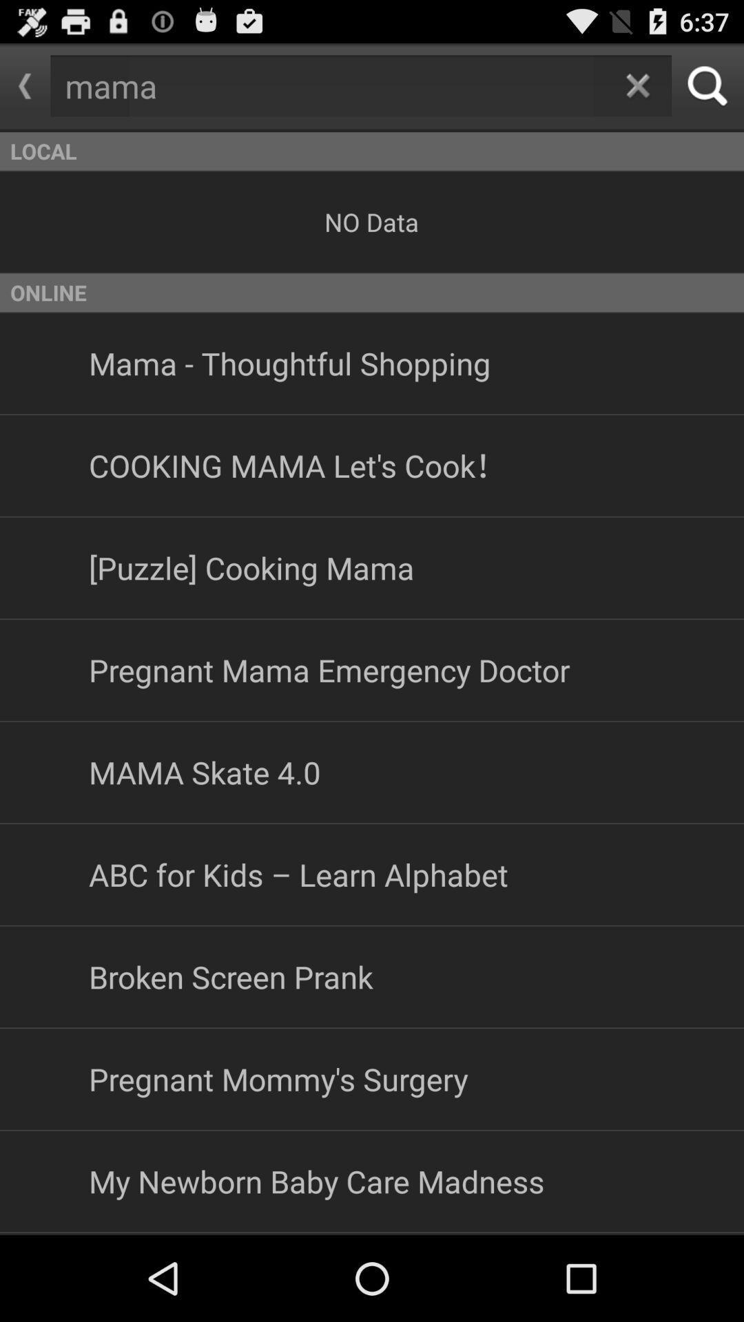 This screenshot has height=1322, width=744. What do you see at coordinates (25, 85) in the screenshot?
I see `go back` at bounding box center [25, 85].